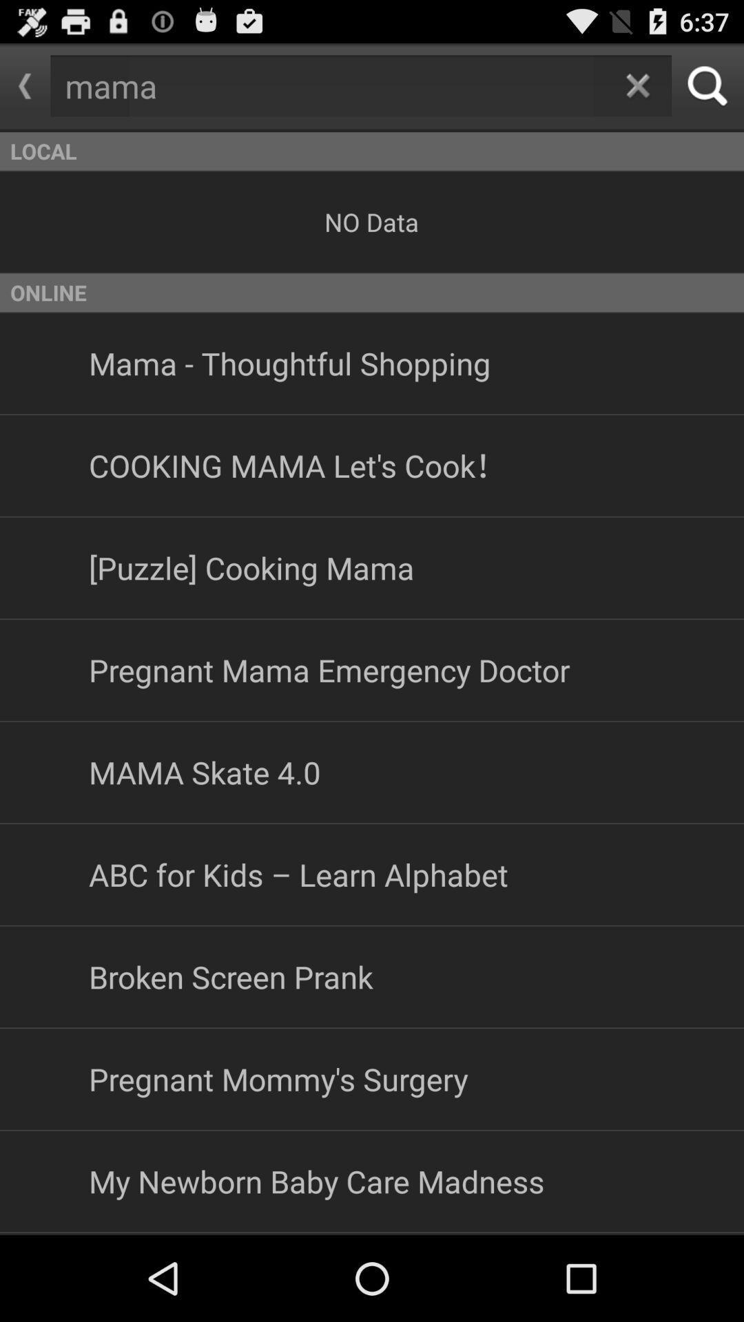 This screenshot has height=1322, width=744. What do you see at coordinates (25, 85) in the screenshot?
I see `go back` at bounding box center [25, 85].